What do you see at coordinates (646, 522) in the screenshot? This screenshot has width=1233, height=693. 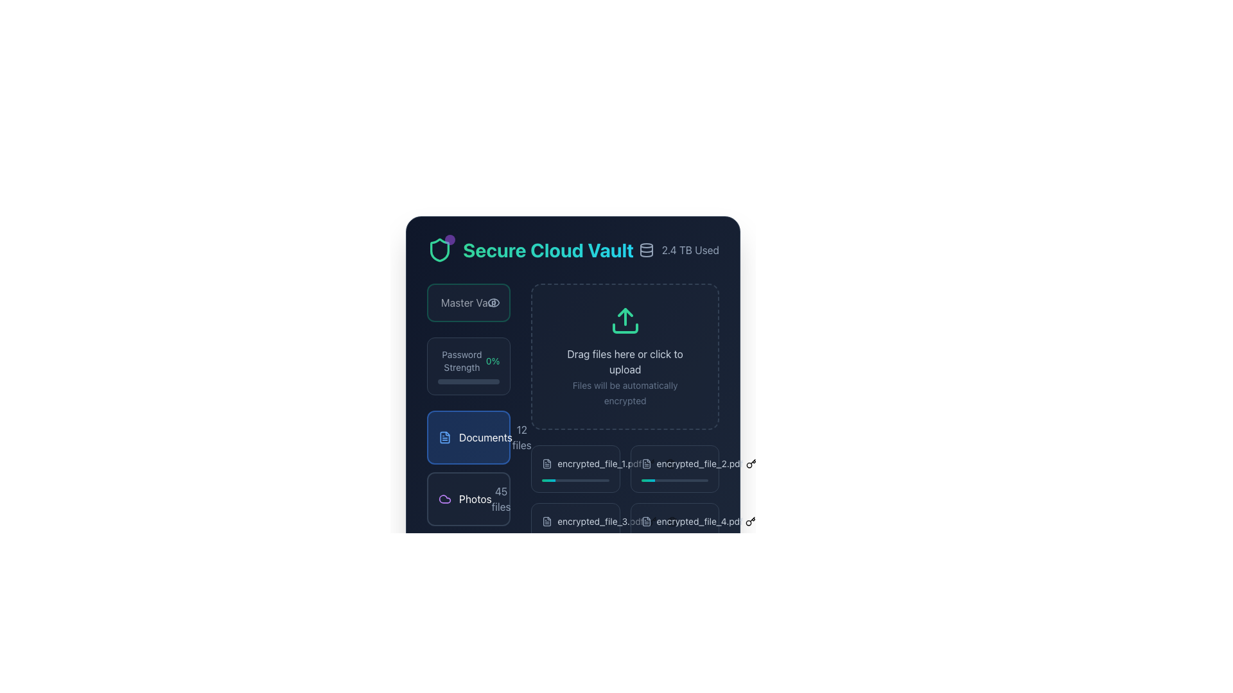 I see `the small gray file icon resembling a document outline located to the left of the filename 'encrypted_file_4.pdf' in the second row of the documents section` at bounding box center [646, 522].